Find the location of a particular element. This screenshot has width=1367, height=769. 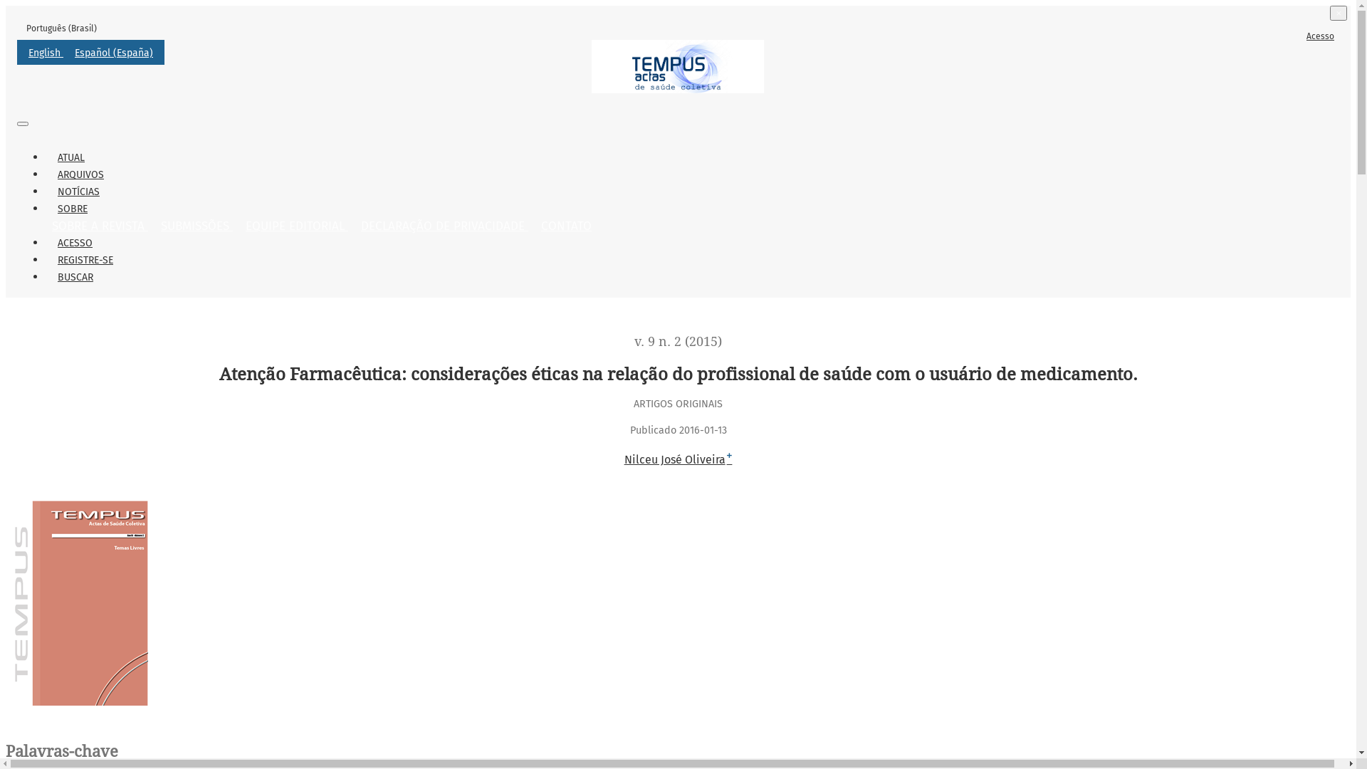

'BUSCAR' is located at coordinates (74, 277).